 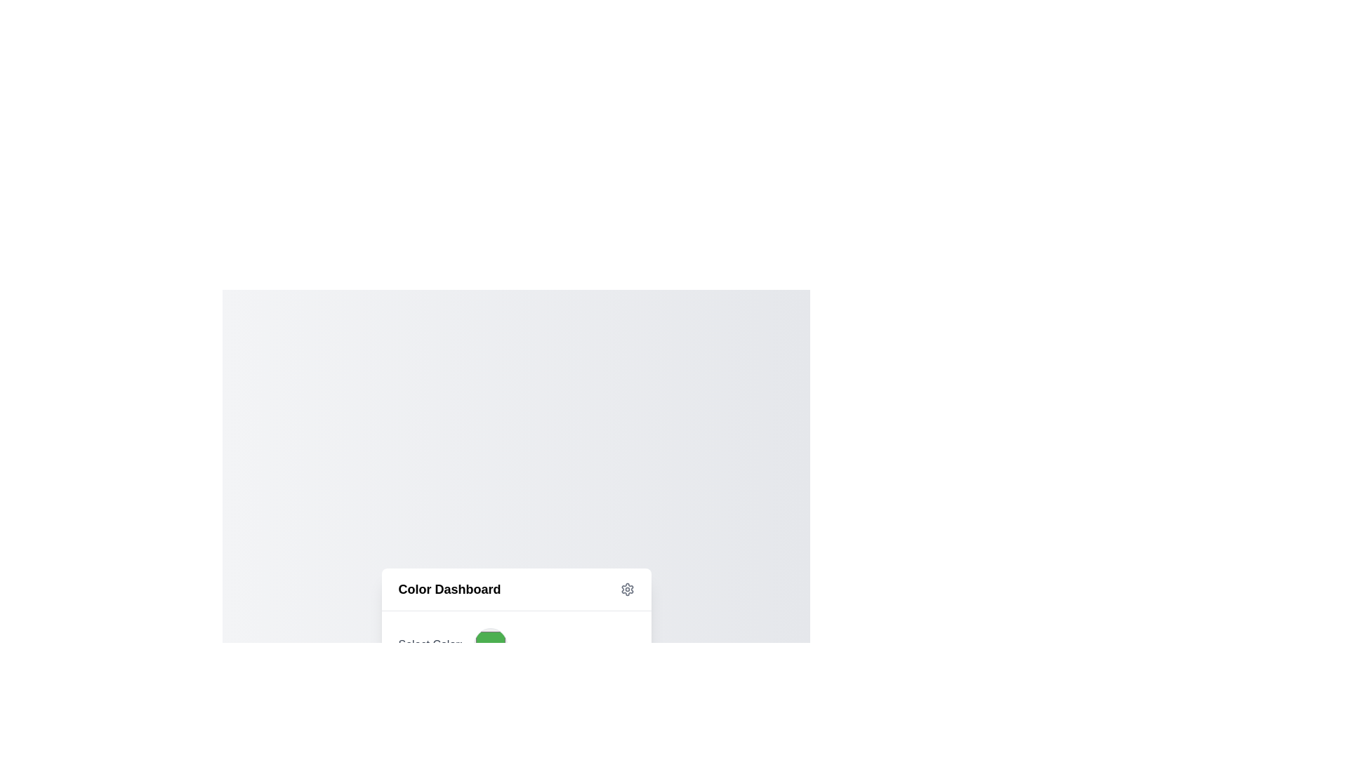 I want to click on the green circular Color Picker button for keyboard input, so click(x=491, y=644).